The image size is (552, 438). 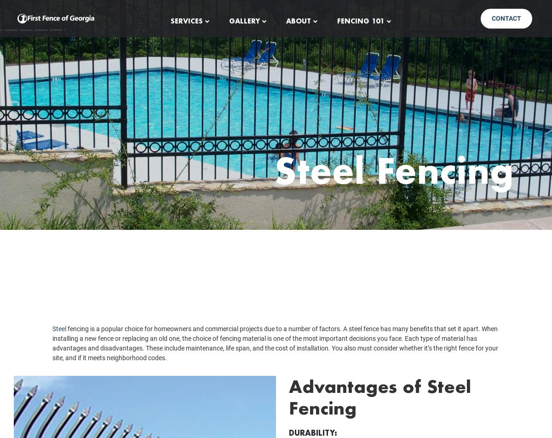 I want to click on 'First Fence of Georgia', so click(x=276, y=288).